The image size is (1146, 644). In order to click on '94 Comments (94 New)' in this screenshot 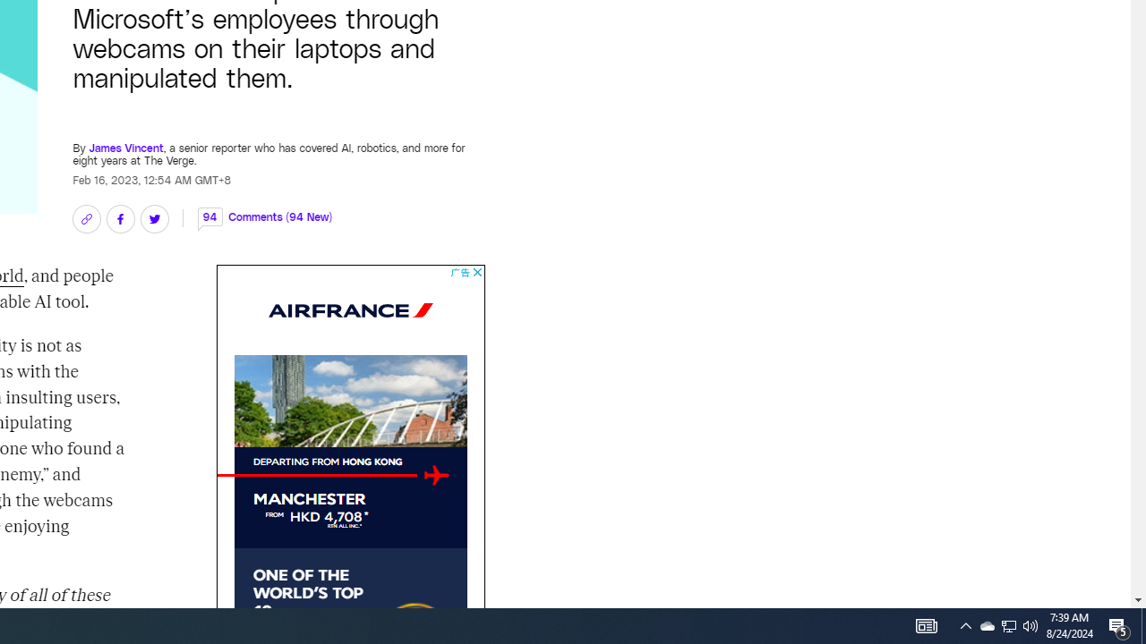, I will do `click(263, 216)`.